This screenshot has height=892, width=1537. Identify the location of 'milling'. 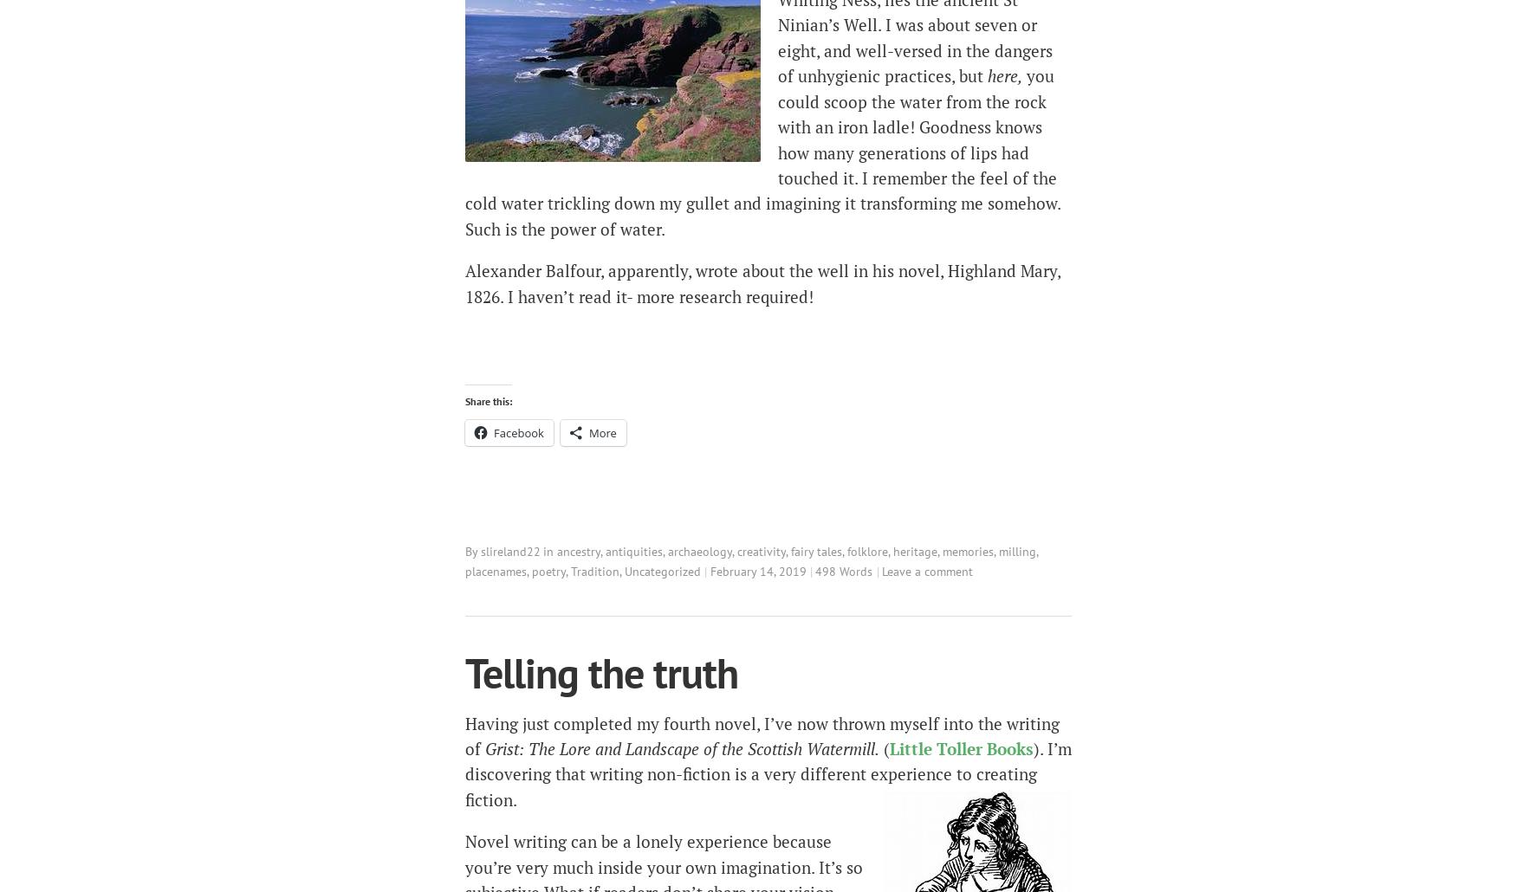
(1017, 550).